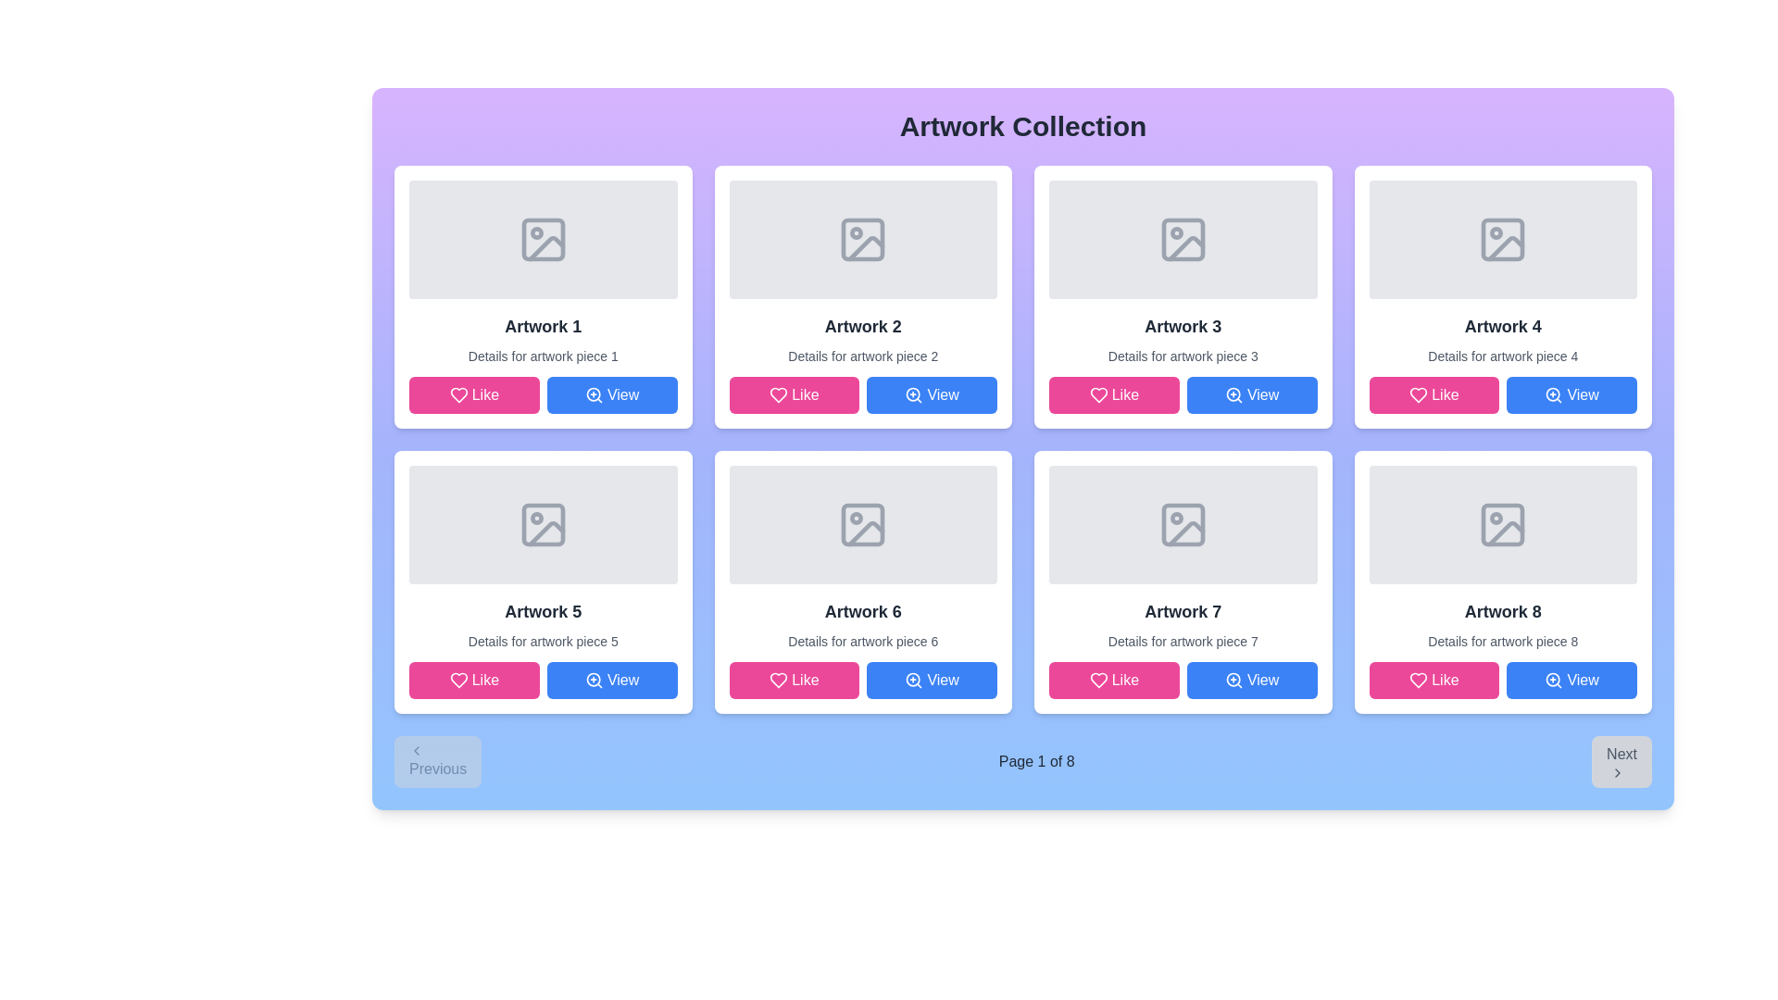 Image resolution: width=1778 pixels, height=1000 pixels. What do you see at coordinates (1113, 681) in the screenshot?
I see `the 'like' button located to the left of the blue 'View' button in the 'Artwork 7' section to send positive feedback for the associated artwork` at bounding box center [1113, 681].